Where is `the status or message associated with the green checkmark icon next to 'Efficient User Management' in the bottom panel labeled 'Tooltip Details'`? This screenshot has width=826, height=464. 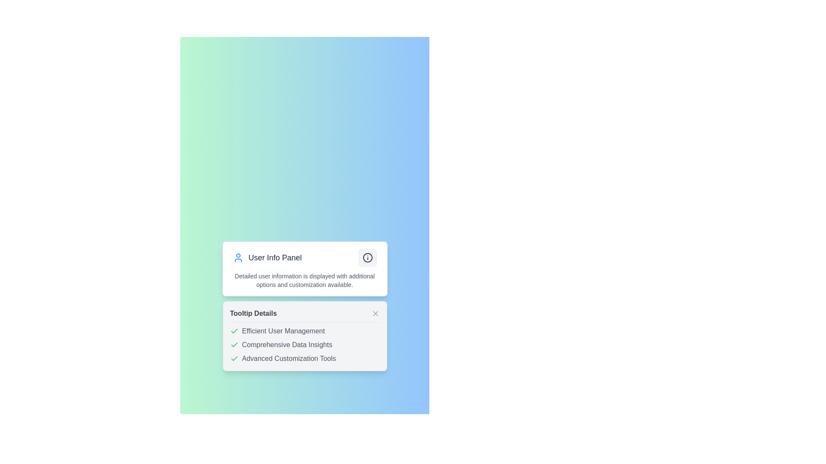
the status or message associated with the green checkmark icon next to 'Efficient User Management' in the bottom panel labeled 'Tooltip Details' is located at coordinates (234, 344).